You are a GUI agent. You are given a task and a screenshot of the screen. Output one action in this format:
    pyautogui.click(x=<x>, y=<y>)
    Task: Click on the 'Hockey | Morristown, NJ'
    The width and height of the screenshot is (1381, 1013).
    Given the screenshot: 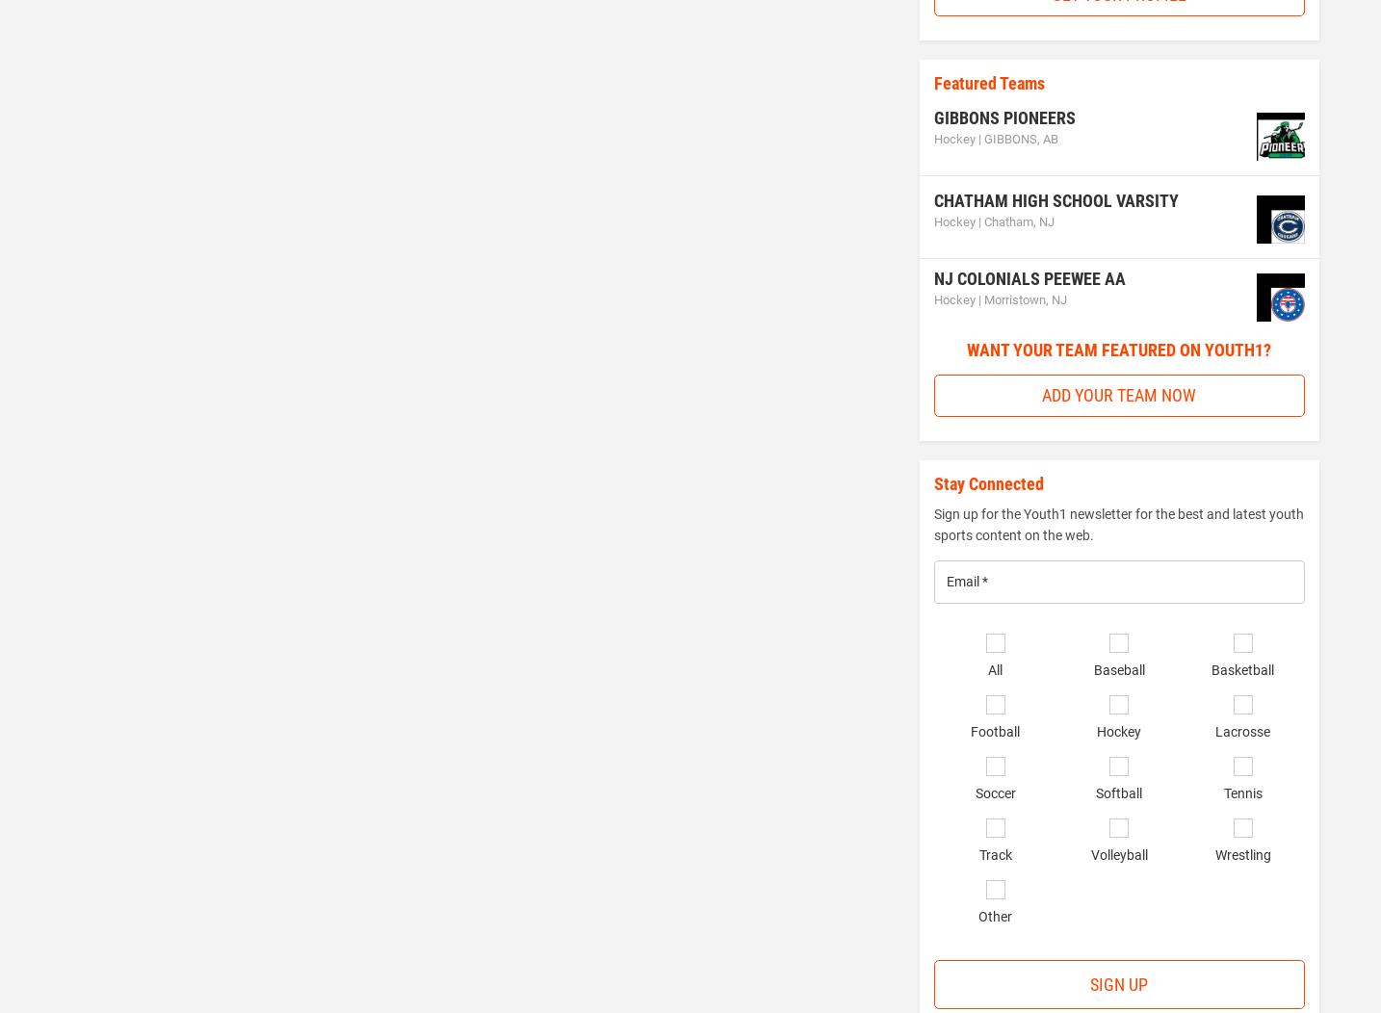 What is the action you would take?
    pyautogui.click(x=998, y=298)
    